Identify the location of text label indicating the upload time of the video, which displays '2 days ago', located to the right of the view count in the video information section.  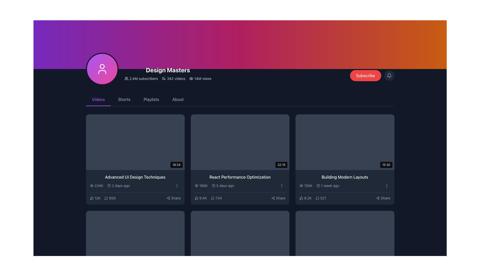
(118, 186).